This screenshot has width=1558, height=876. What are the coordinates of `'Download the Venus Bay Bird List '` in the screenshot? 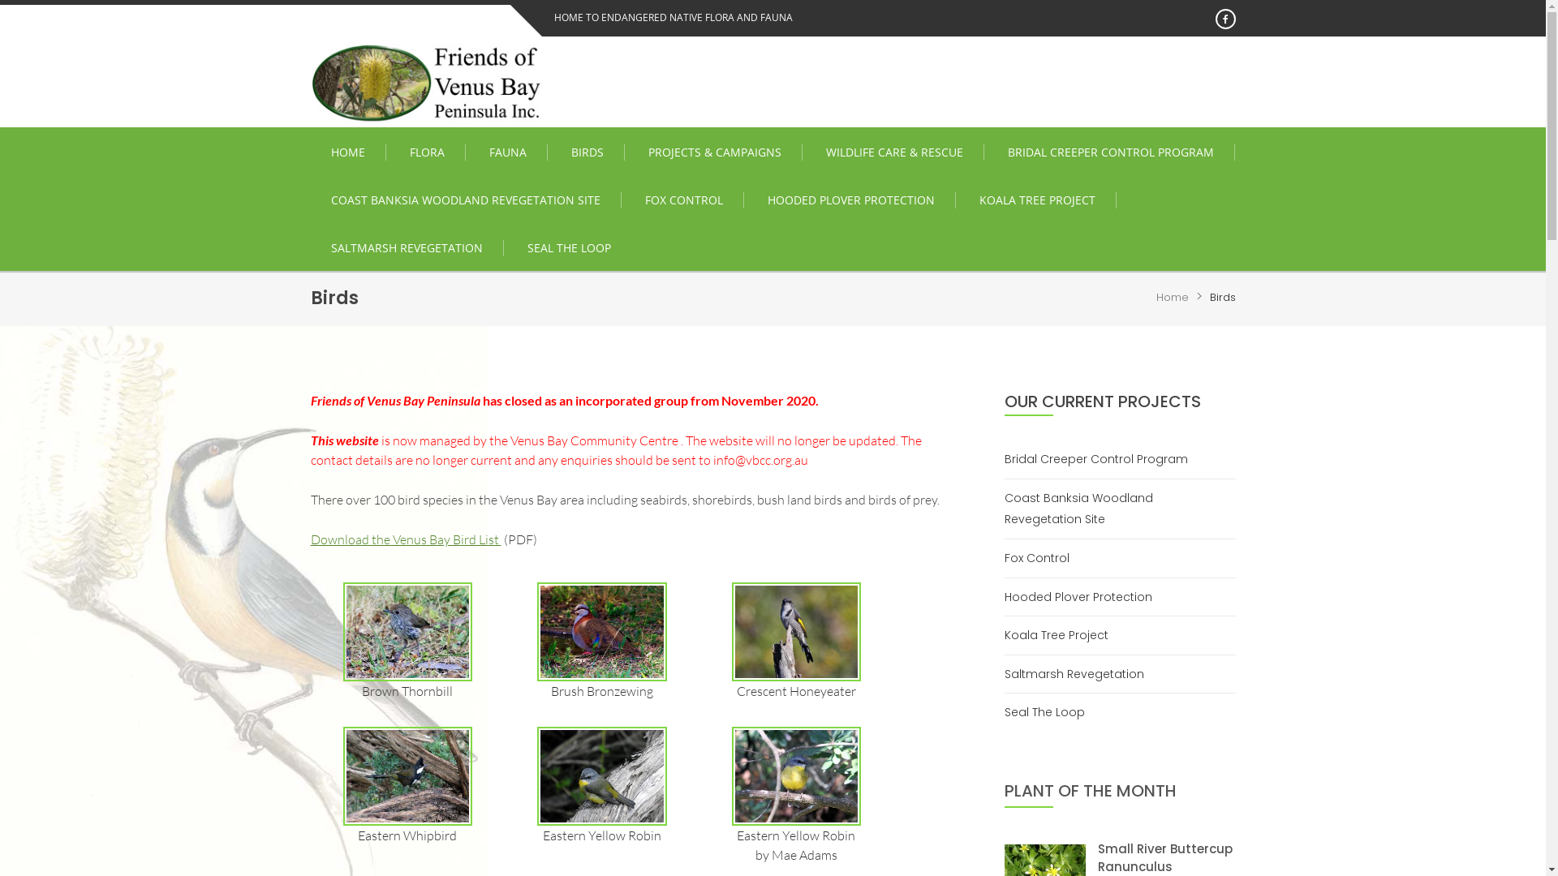 It's located at (405, 539).